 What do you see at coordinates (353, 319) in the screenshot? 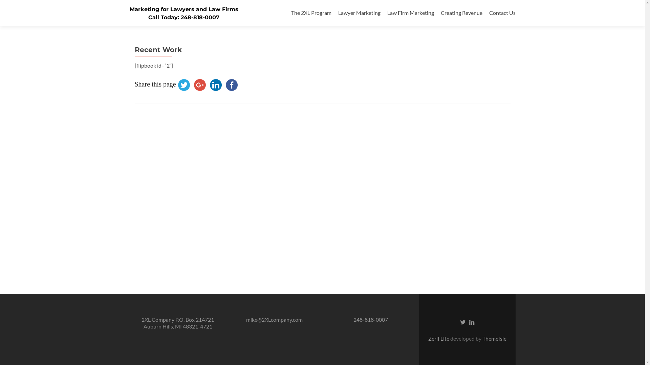
I see `'248-818-0007'` at bounding box center [353, 319].